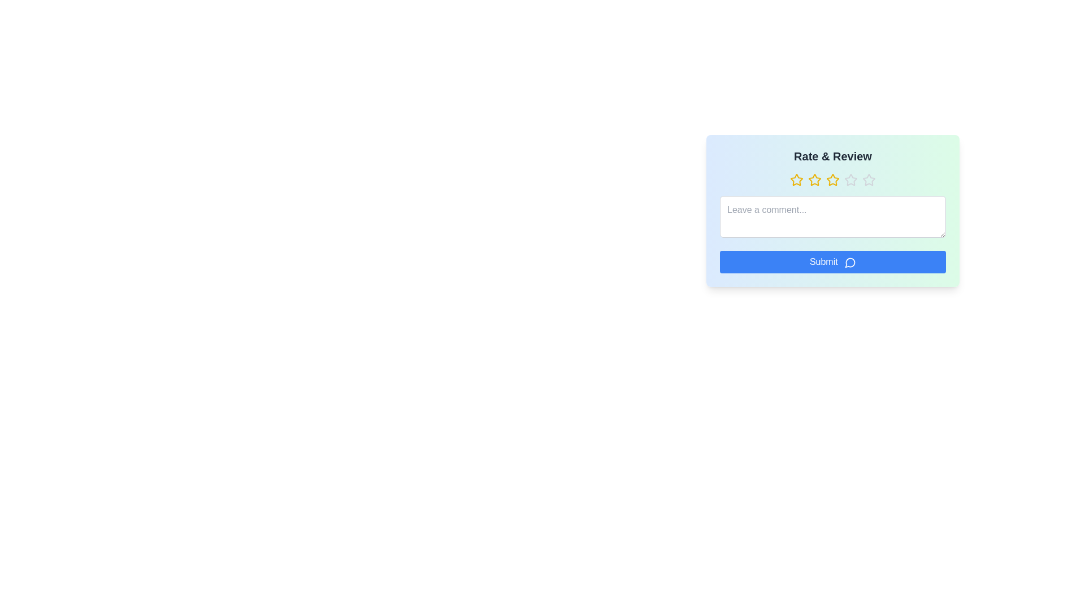  What do you see at coordinates (796, 180) in the screenshot?
I see `the star corresponding to the desired rating value 1` at bounding box center [796, 180].